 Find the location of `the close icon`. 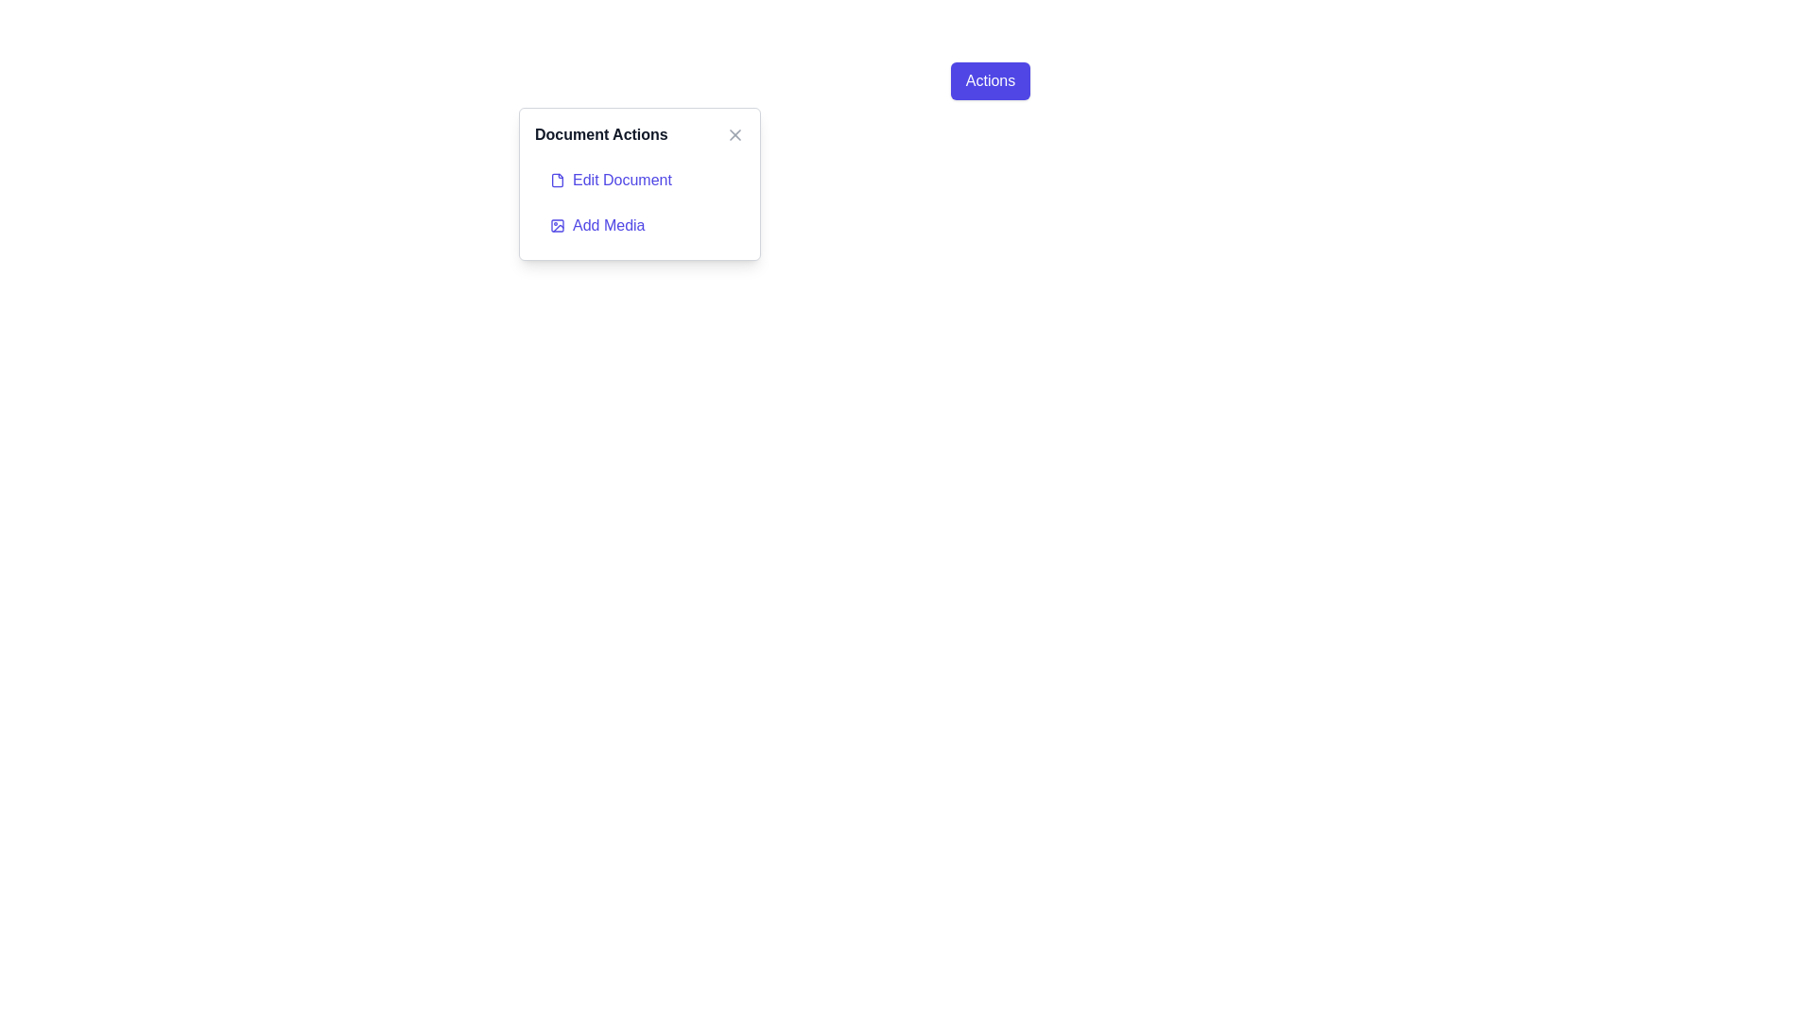

the close icon is located at coordinates (734, 133).